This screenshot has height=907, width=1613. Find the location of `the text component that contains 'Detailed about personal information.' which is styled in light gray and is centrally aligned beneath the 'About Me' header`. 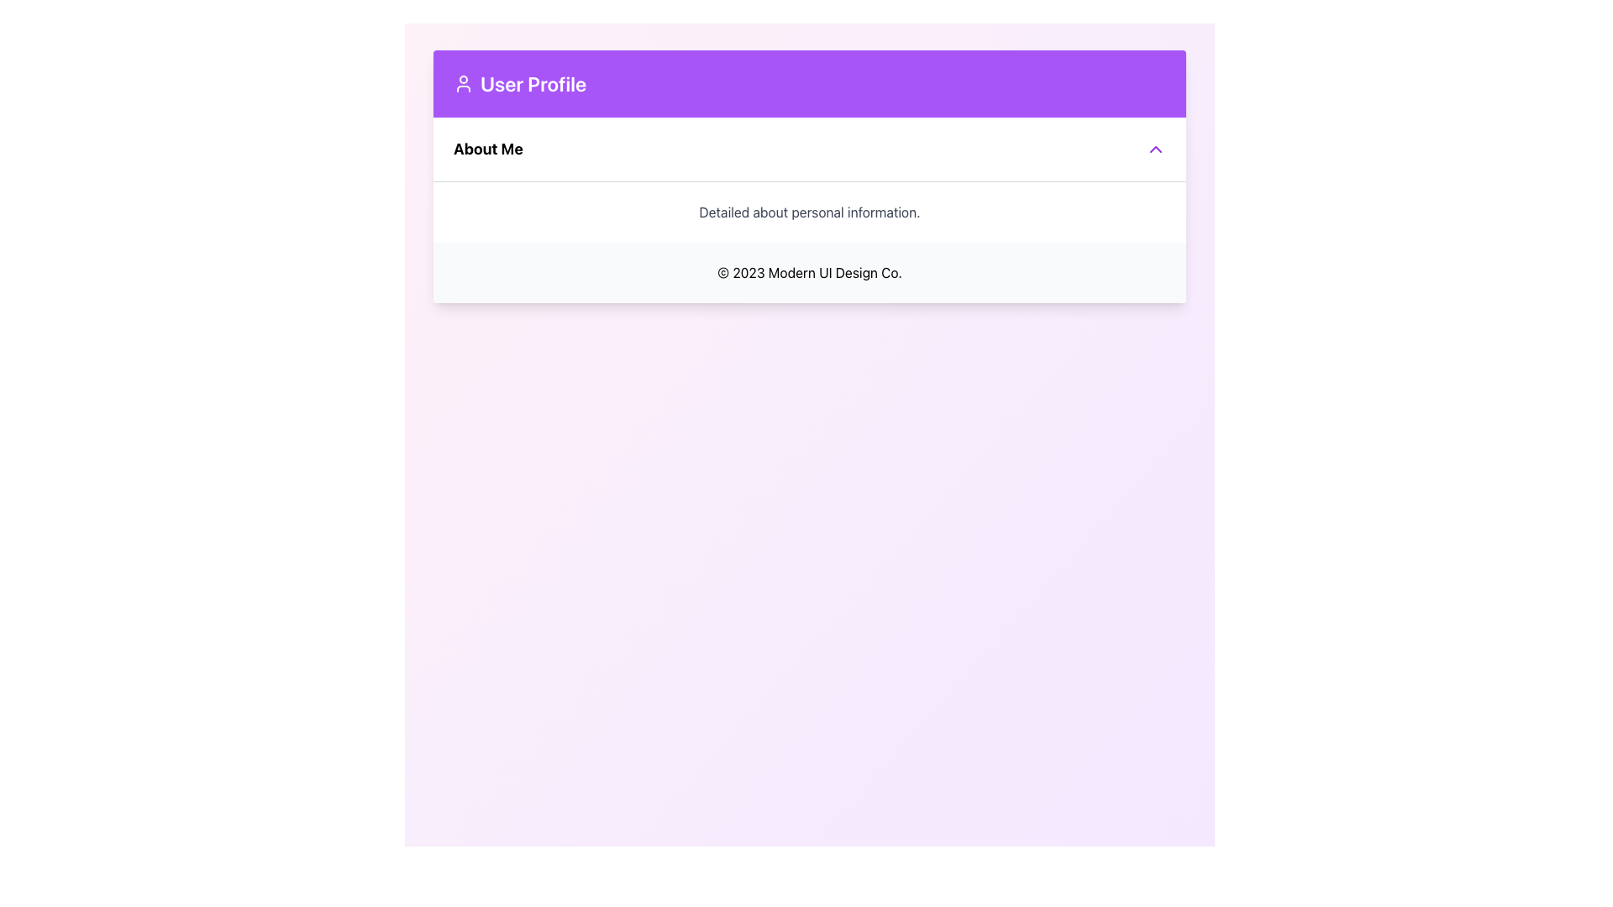

the text component that contains 'Detailed about personal information.' which is styled in light gray and is centrally aligned beneath the 'About Me' header is located at coordinates (810, 210).